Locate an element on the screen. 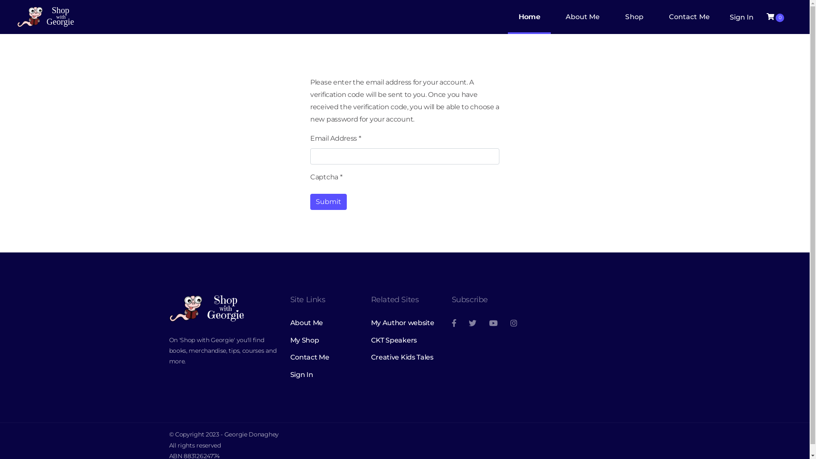  'Creative Kids Tales' is located at coordinates (371, 357).